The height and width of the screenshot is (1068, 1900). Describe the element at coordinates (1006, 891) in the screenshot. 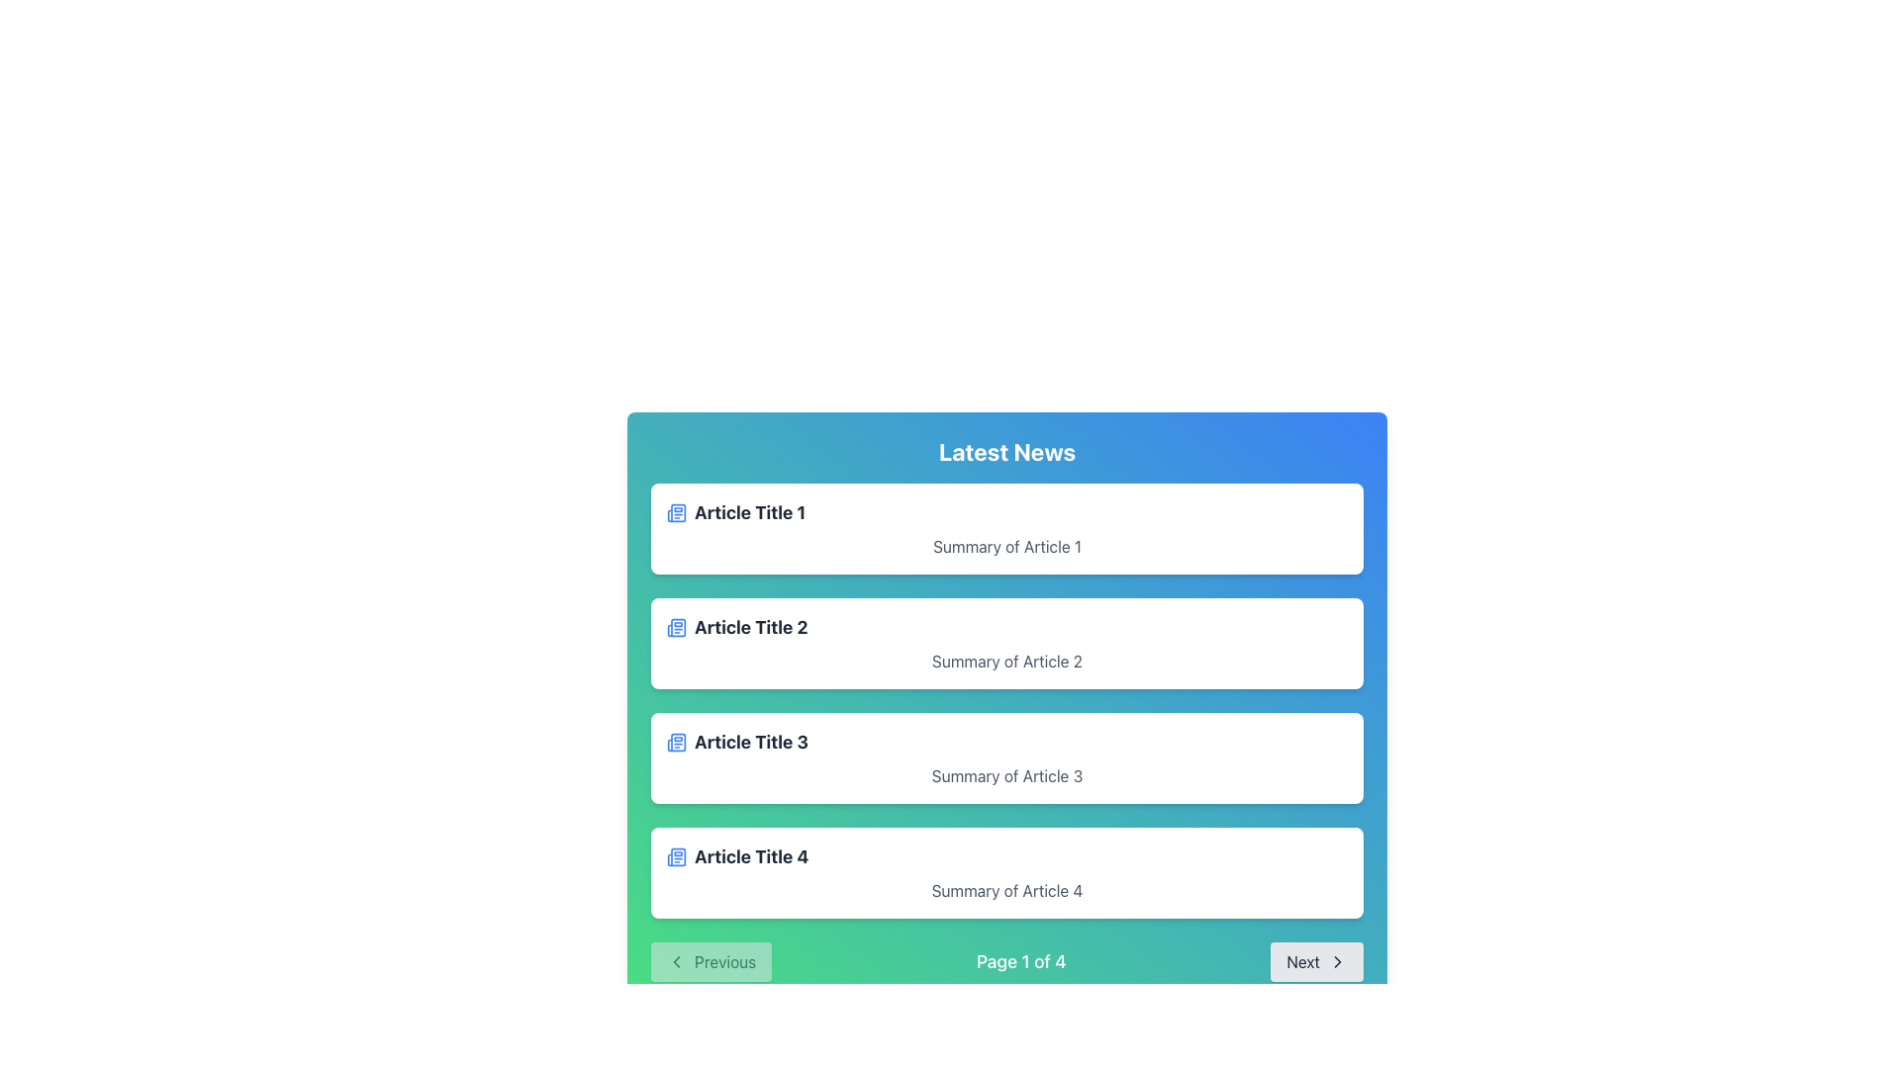

I see `the text element displaying 'Summary of Article 4' located beneath 'Article Title 4' in the fourth item of the article list` at that location.